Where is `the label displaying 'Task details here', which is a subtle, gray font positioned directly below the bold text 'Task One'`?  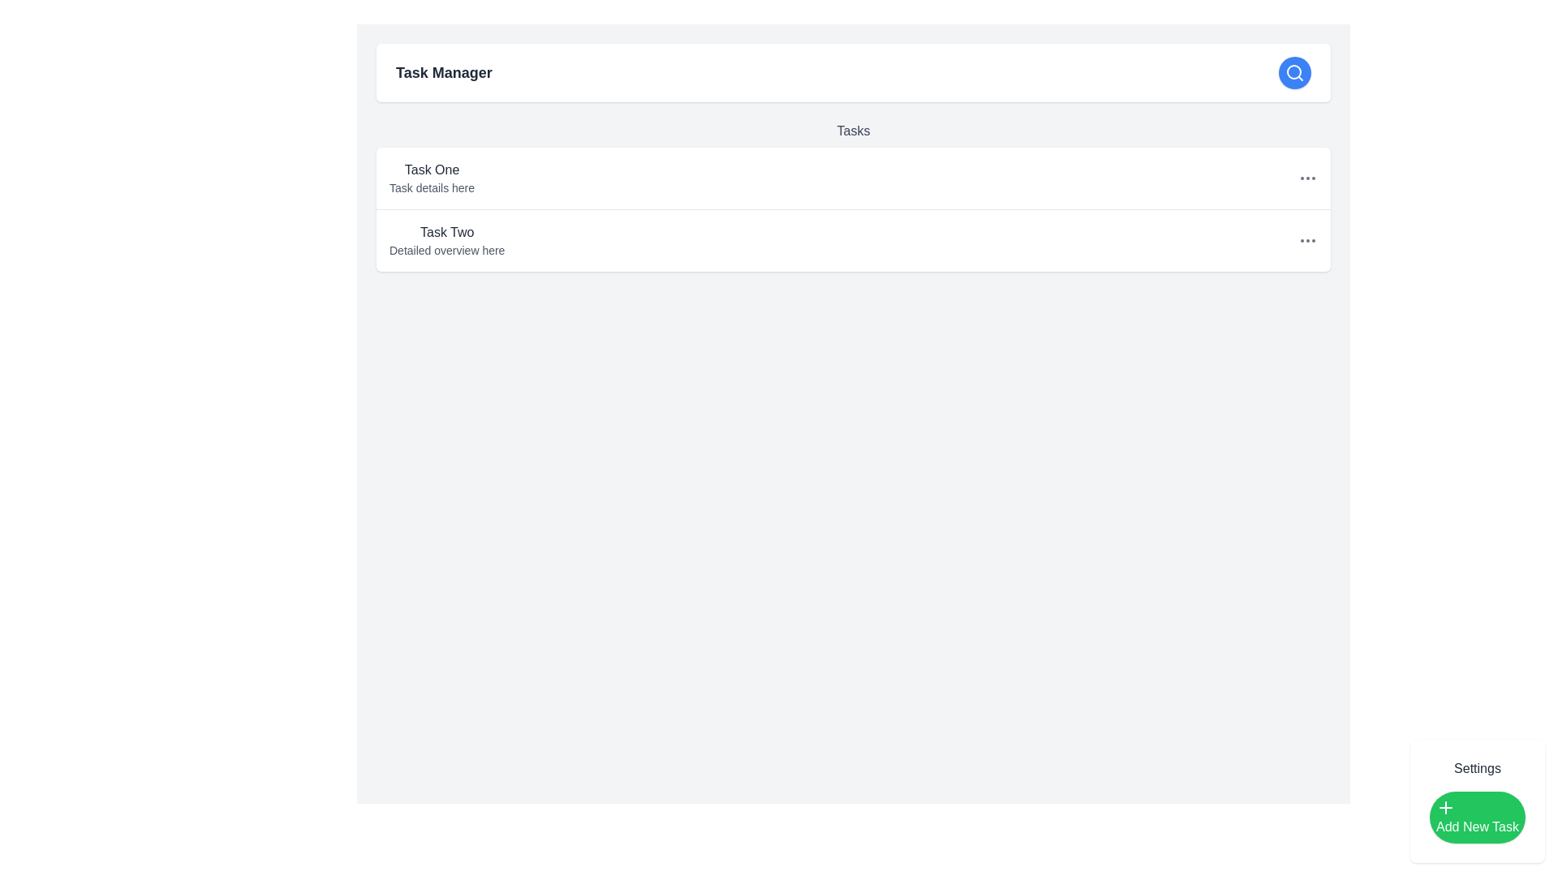 the label displaying 'Task details here', which is a subtle, gray font positioned directly below the bold text 'Task One' is located at coordinates (432, 187).